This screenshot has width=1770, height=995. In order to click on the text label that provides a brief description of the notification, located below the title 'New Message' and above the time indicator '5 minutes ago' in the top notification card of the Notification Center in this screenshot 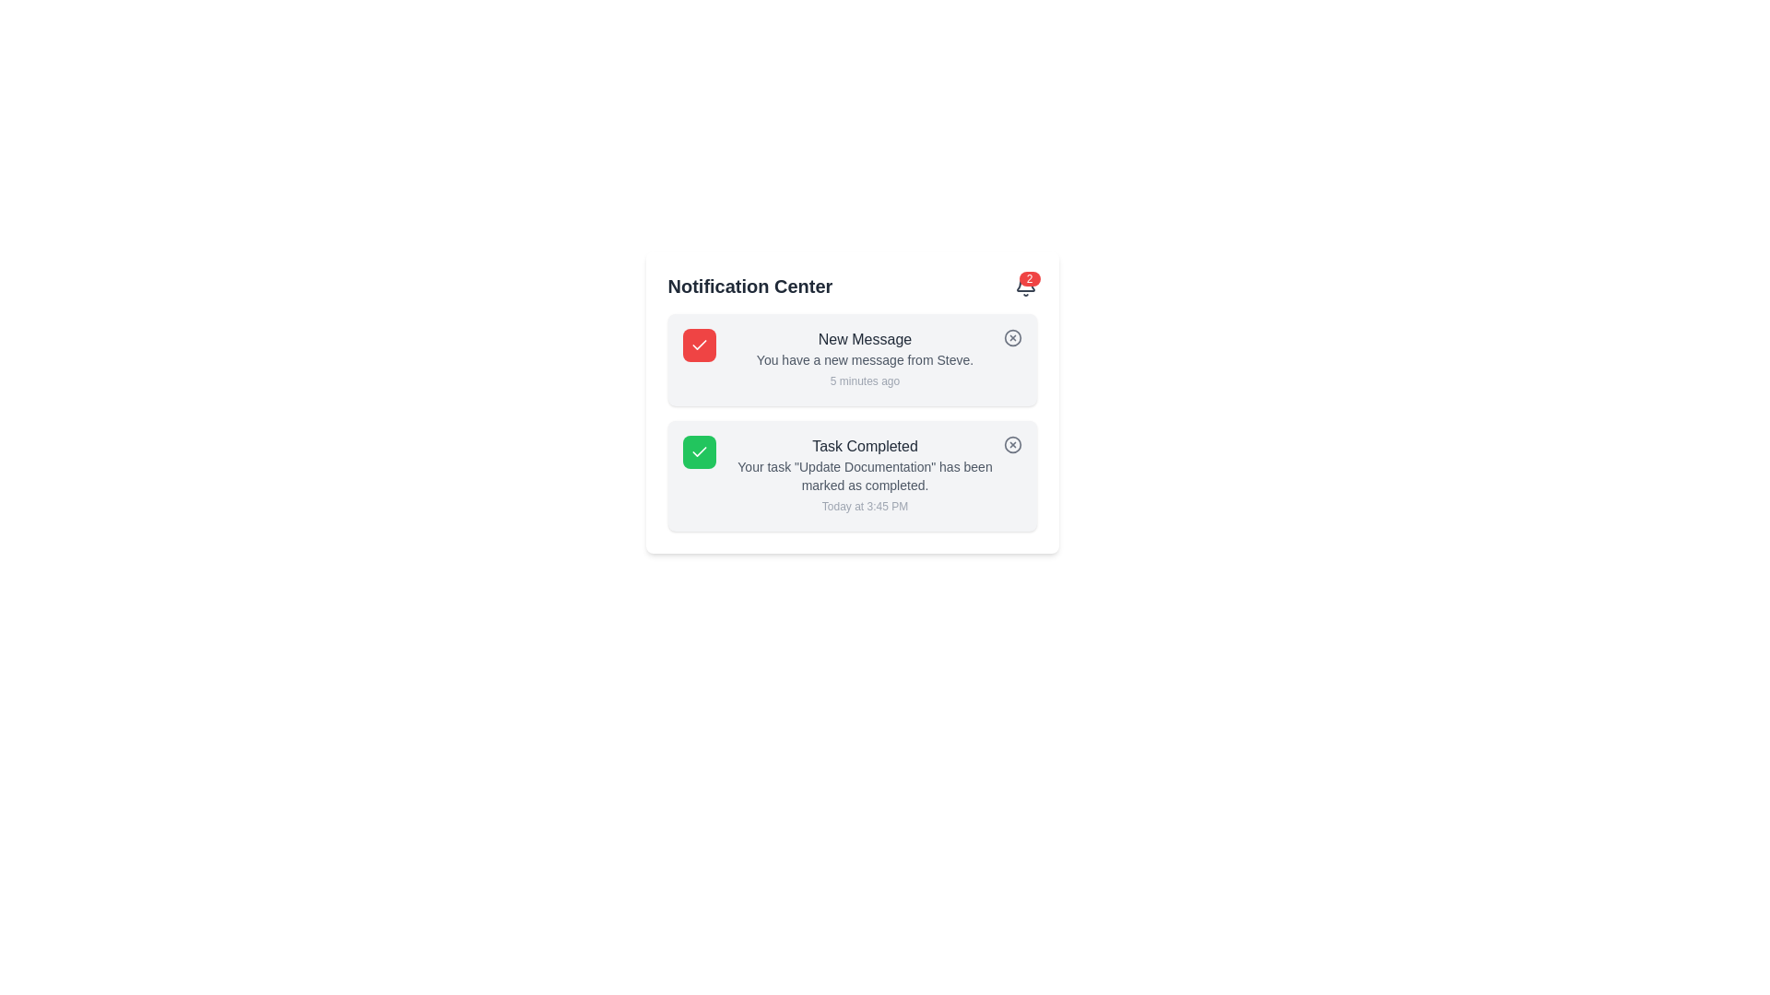, I will do `click(864, 359)`.